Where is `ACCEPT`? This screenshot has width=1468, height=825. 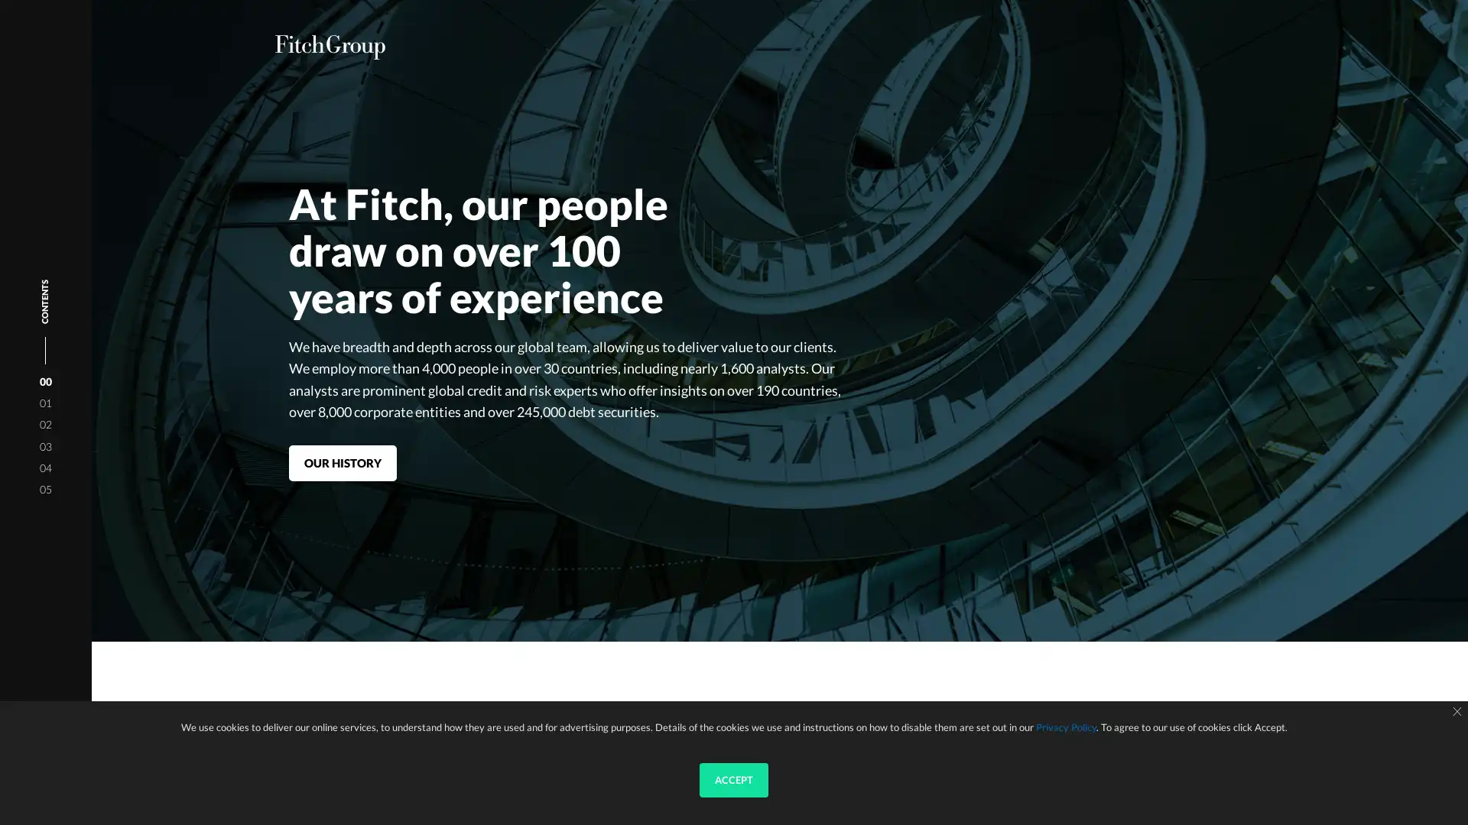
ACCEPT is located at coordinates (734, 780).